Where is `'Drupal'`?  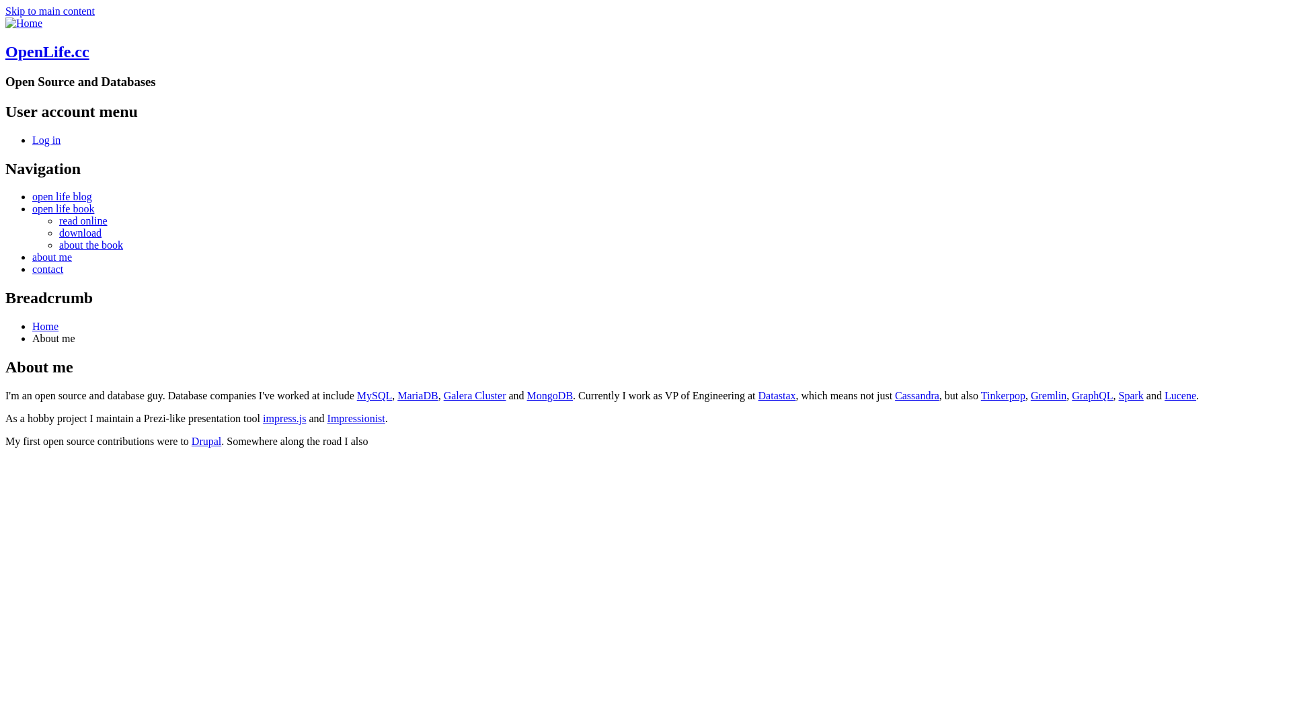 'Drupal' is located at coordinates (206, 441).